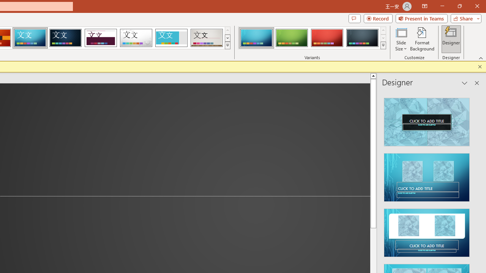 The height and width of the screenshot is (273, 486). Describe the element at coordinates (100, 38) in the screenshot. I see `'Dividend'` at that location.